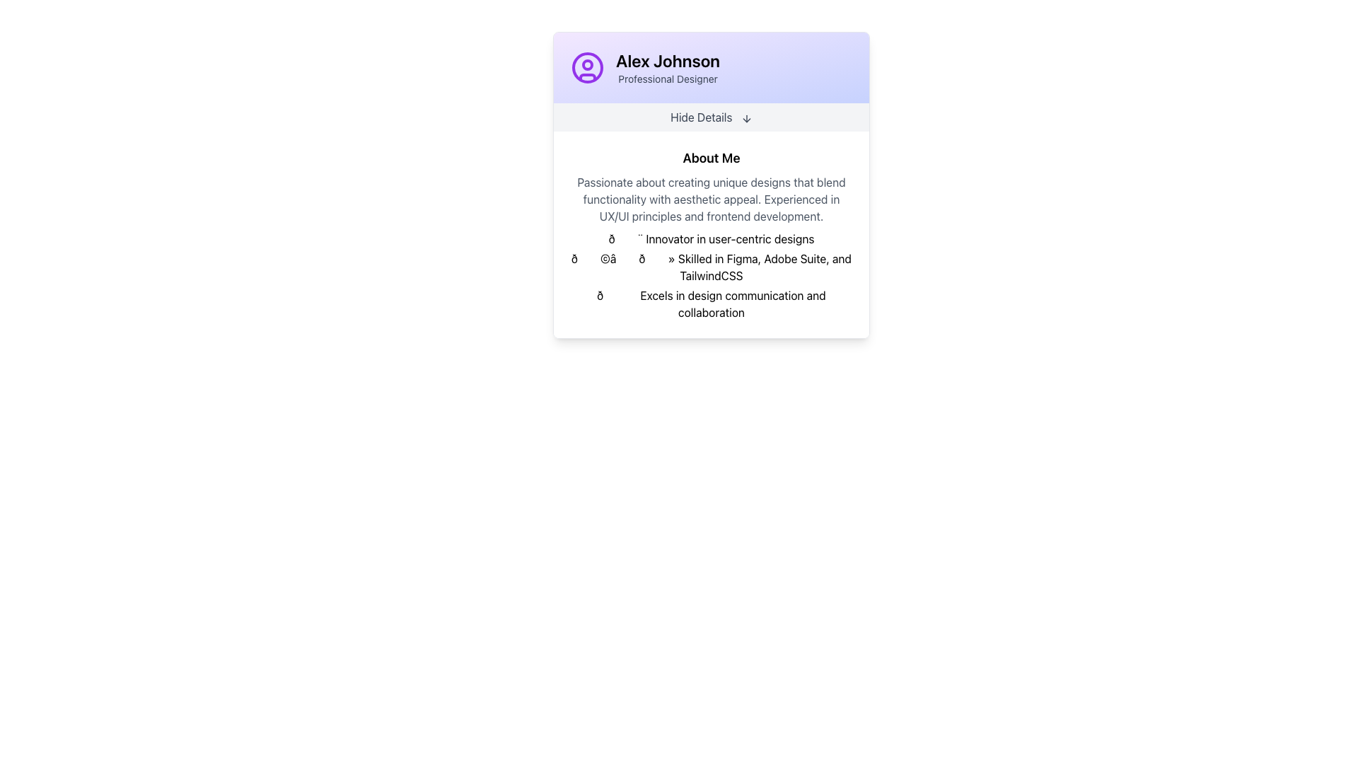 The image size is (1358, 764). I want to click on the circular graphic component with a solid purple outline located in the profile picture area, which represents an abstract user icon, so click(587, 68).